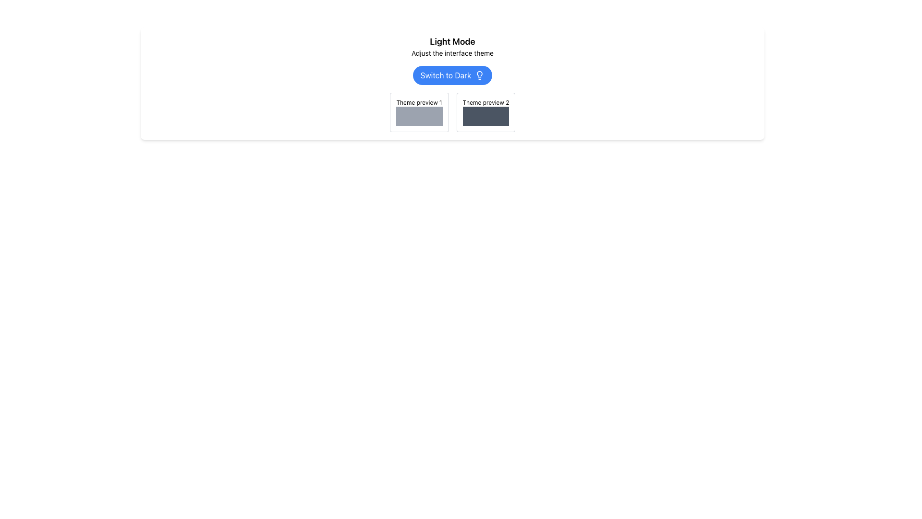 This screenshot has height=519, width=922. Describe the element at coordinates (452, 75) in the screenshot. I see `the rounded blue button labeled 'Switch to Dark' with a lightbulb icon` at that location.